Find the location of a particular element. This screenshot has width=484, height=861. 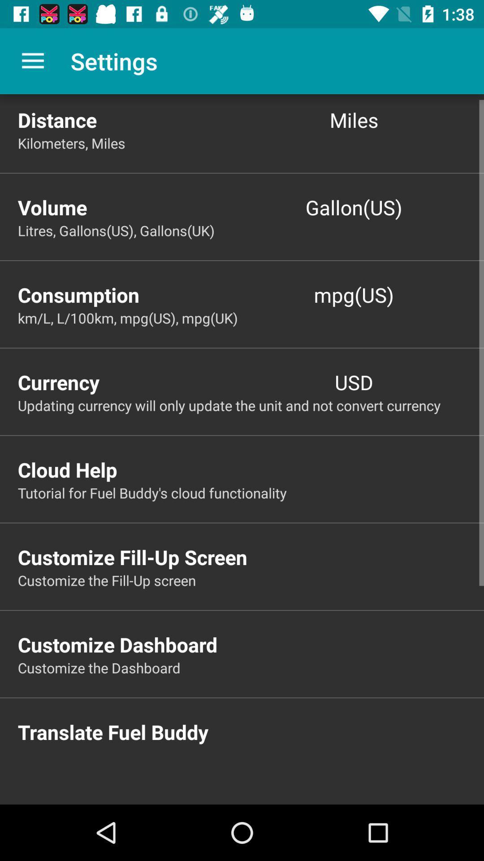

the item below volume item is located at coordinates (251, 230).